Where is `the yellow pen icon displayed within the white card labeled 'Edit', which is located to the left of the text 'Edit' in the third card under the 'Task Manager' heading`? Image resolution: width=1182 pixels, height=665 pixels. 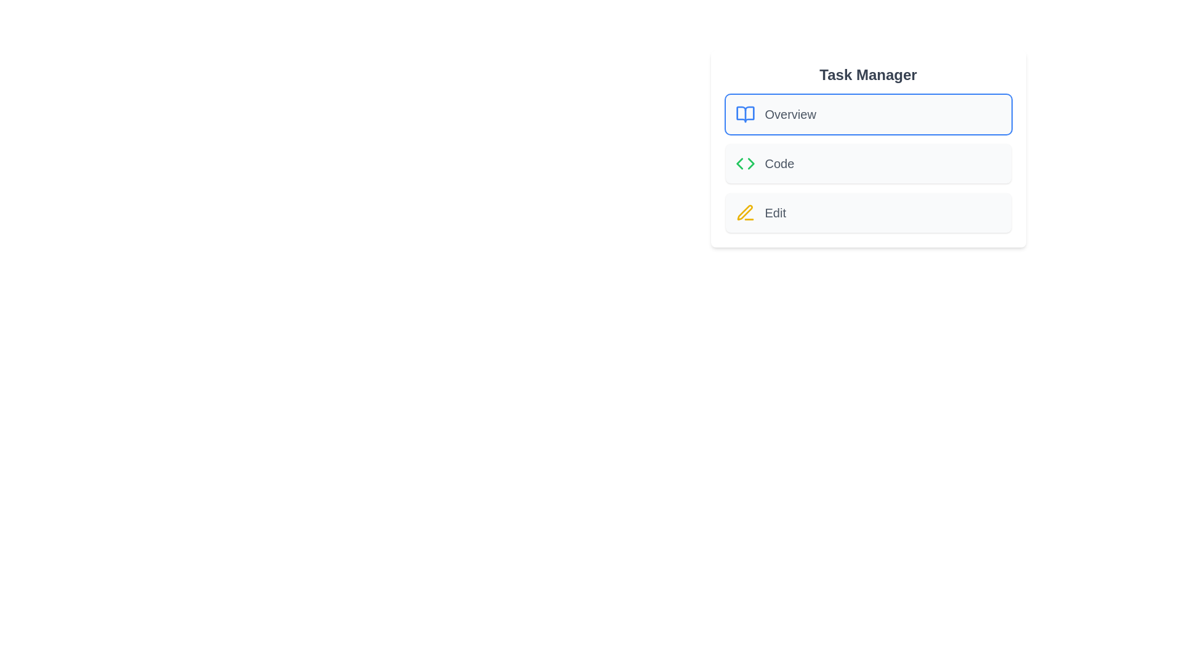
the yellow pen icon displayed within the white card labeled 'Edit', which is located to the left of the text 'Edit' in the third card under the 'Task Manager' heading is located at coordinates (744, 212).